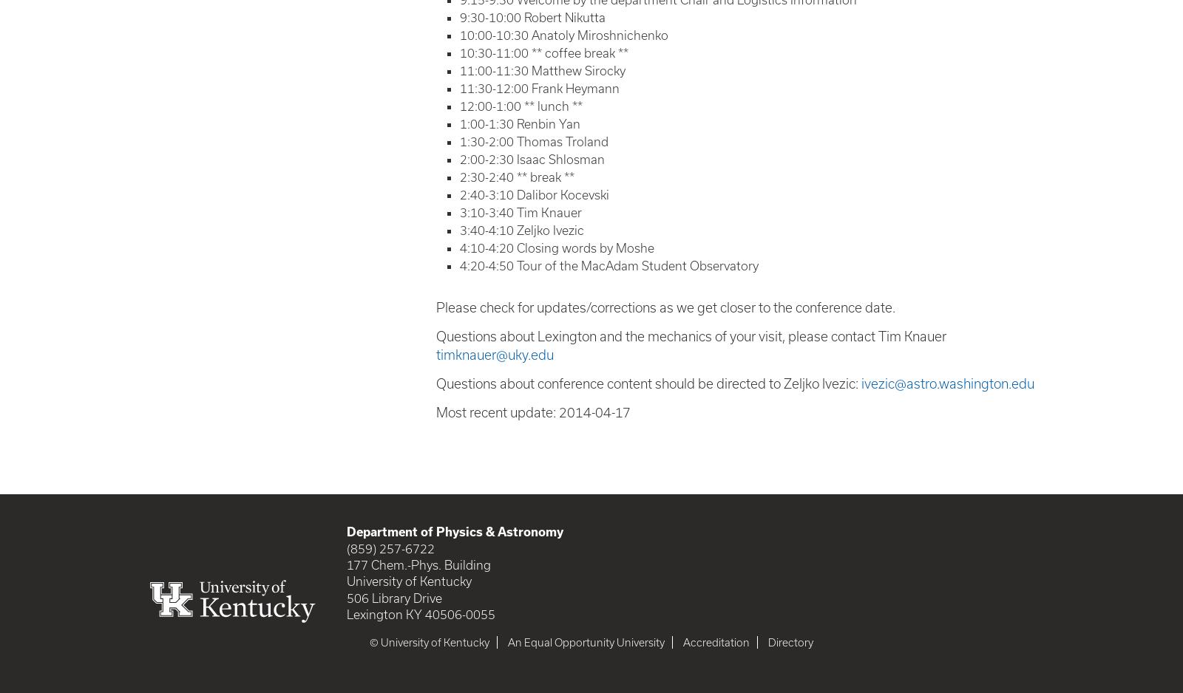 The height and width of the screenshot is (693, 1183). I want to click on 'Most recent update: 2014-04-17', so click(533, 412).